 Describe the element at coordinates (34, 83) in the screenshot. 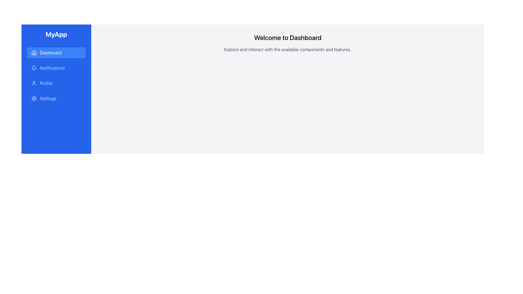

I see `the user icon in the 'Profile' option of the vertical navigation menu` at that location.